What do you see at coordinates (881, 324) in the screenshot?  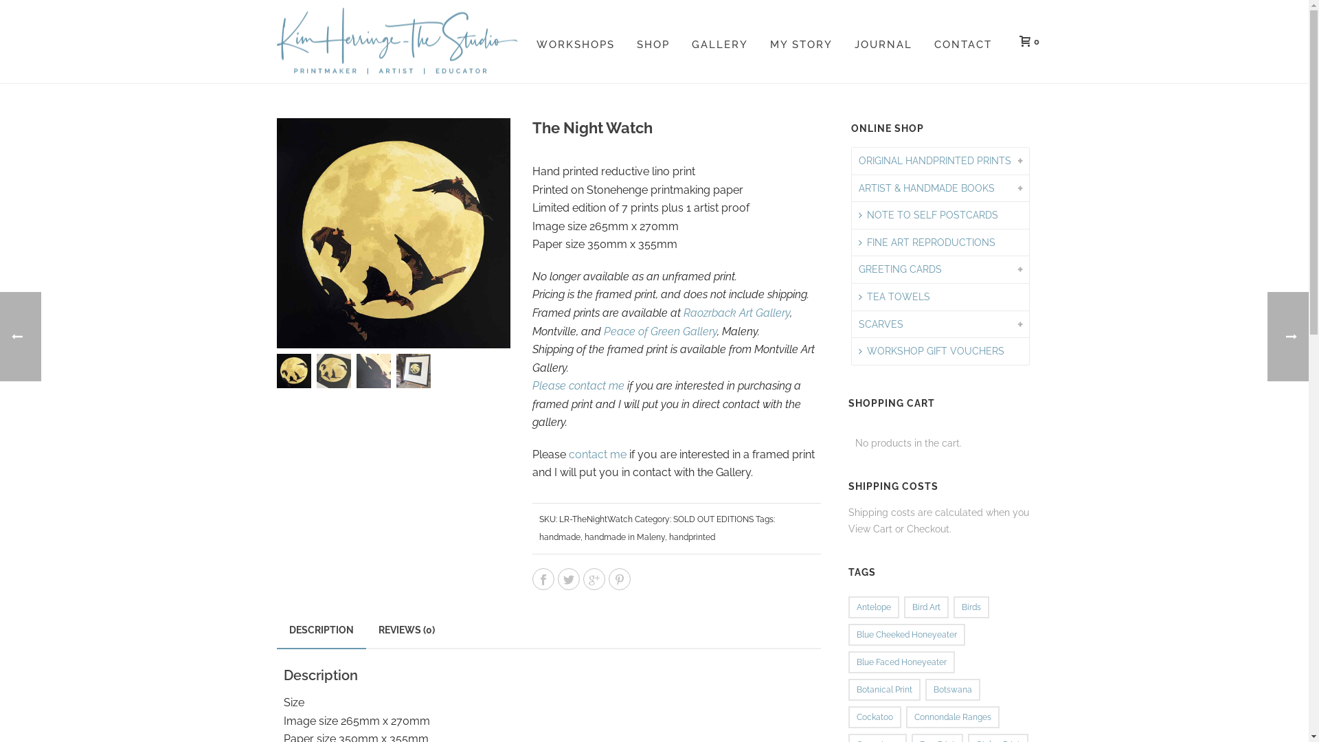 I see `'SCARVES'` at bounding box center [881, 324].